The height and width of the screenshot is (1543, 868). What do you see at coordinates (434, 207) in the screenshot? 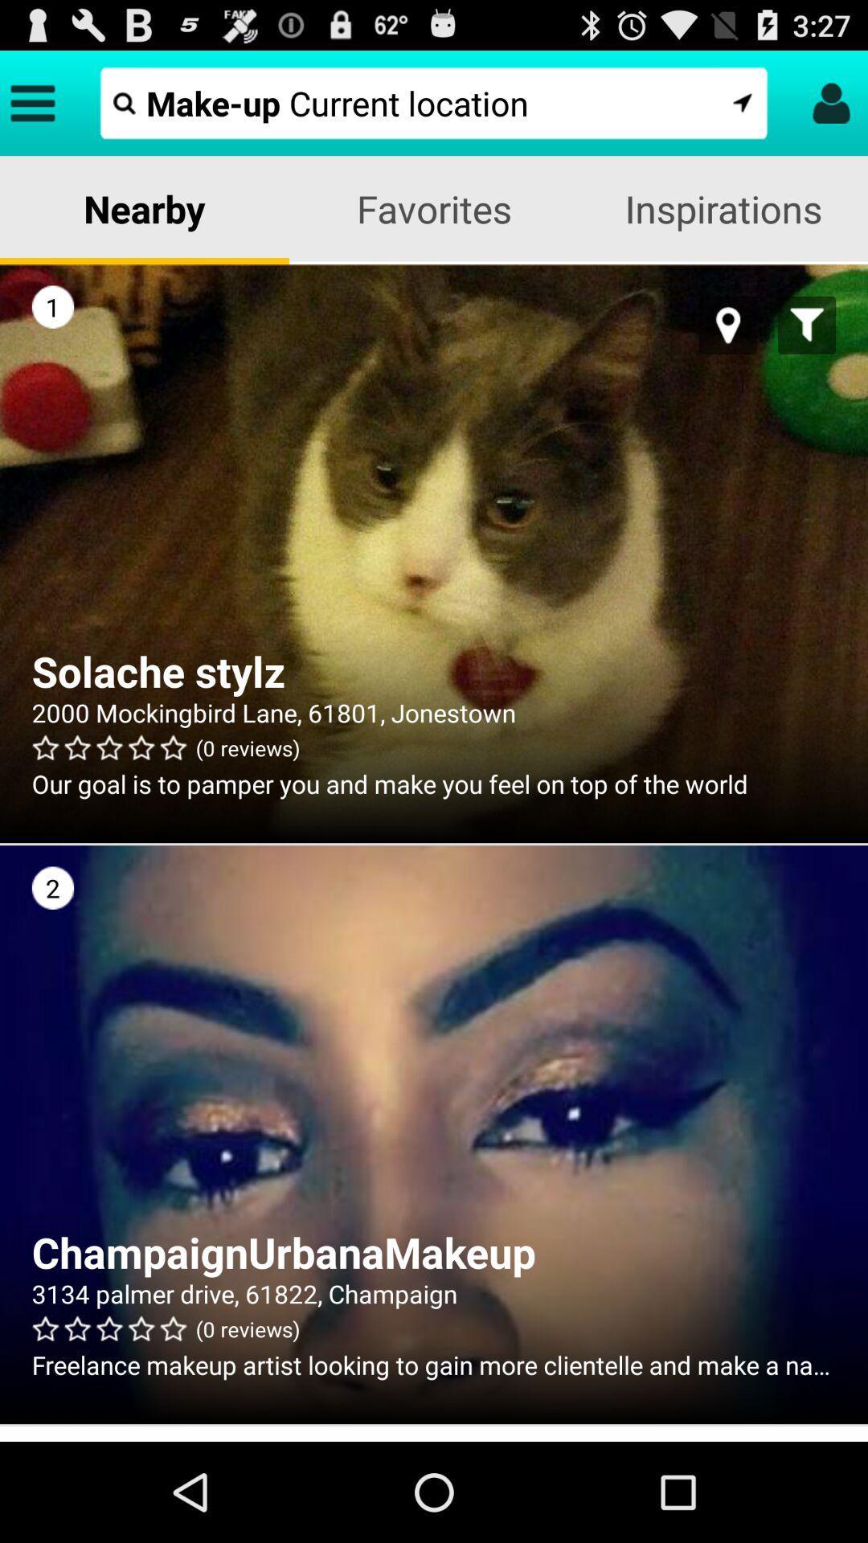
I see `icon next to the nearby item` at bounding box center [434, 207].